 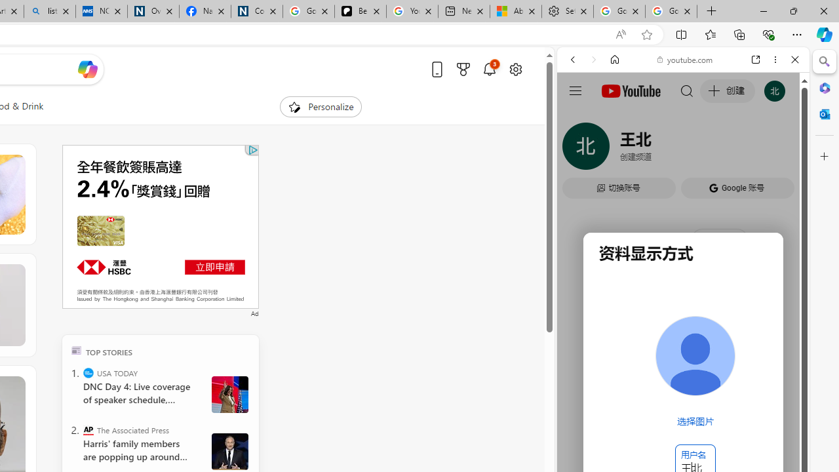 What do you see at coordinates (252, 149) in the screenshot?
I see `'Class: qc-adchoices-link top-right '` at bounding box center [252, 149].